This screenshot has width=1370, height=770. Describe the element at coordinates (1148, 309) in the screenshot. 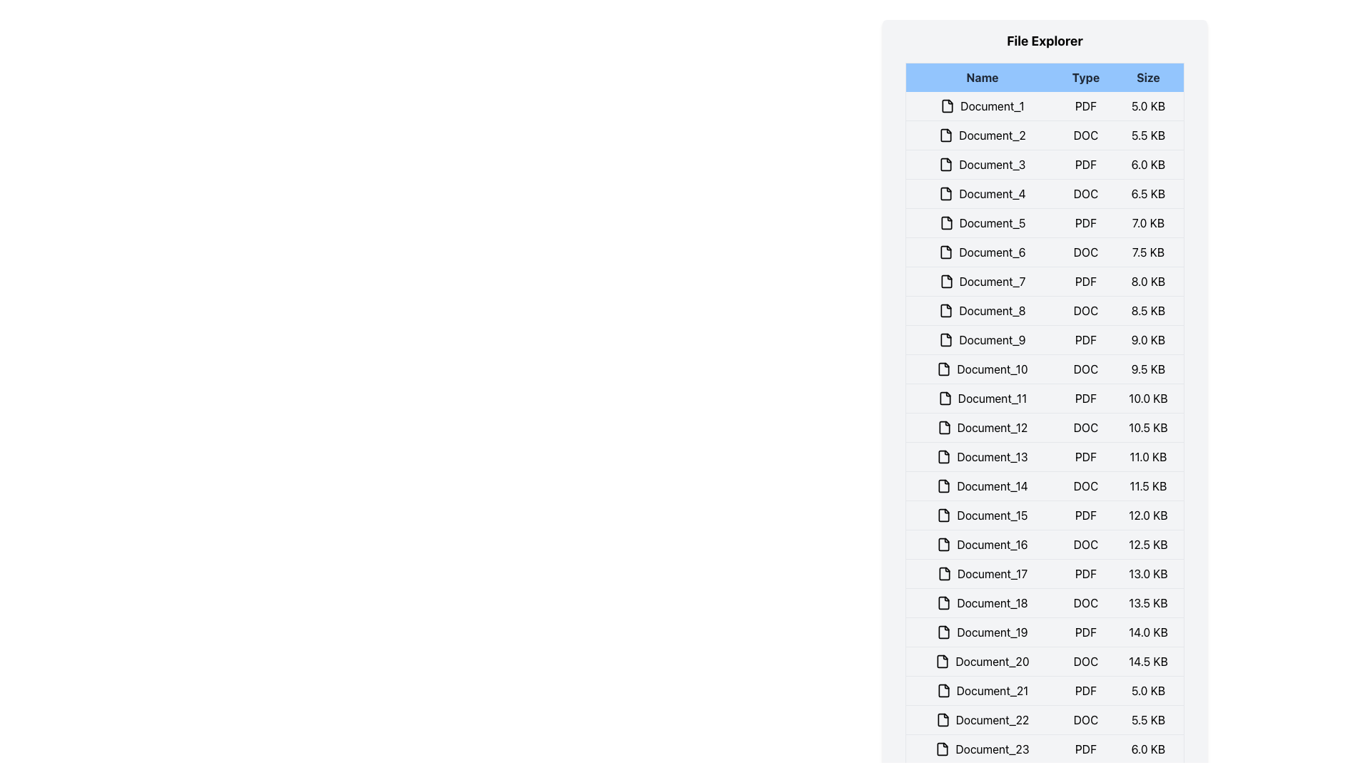

I see `the Text Label indicating the size of the associated file in kilobytes, located in the 'Size' column of the table row labeled 'Document_8 DOC'` at that location.